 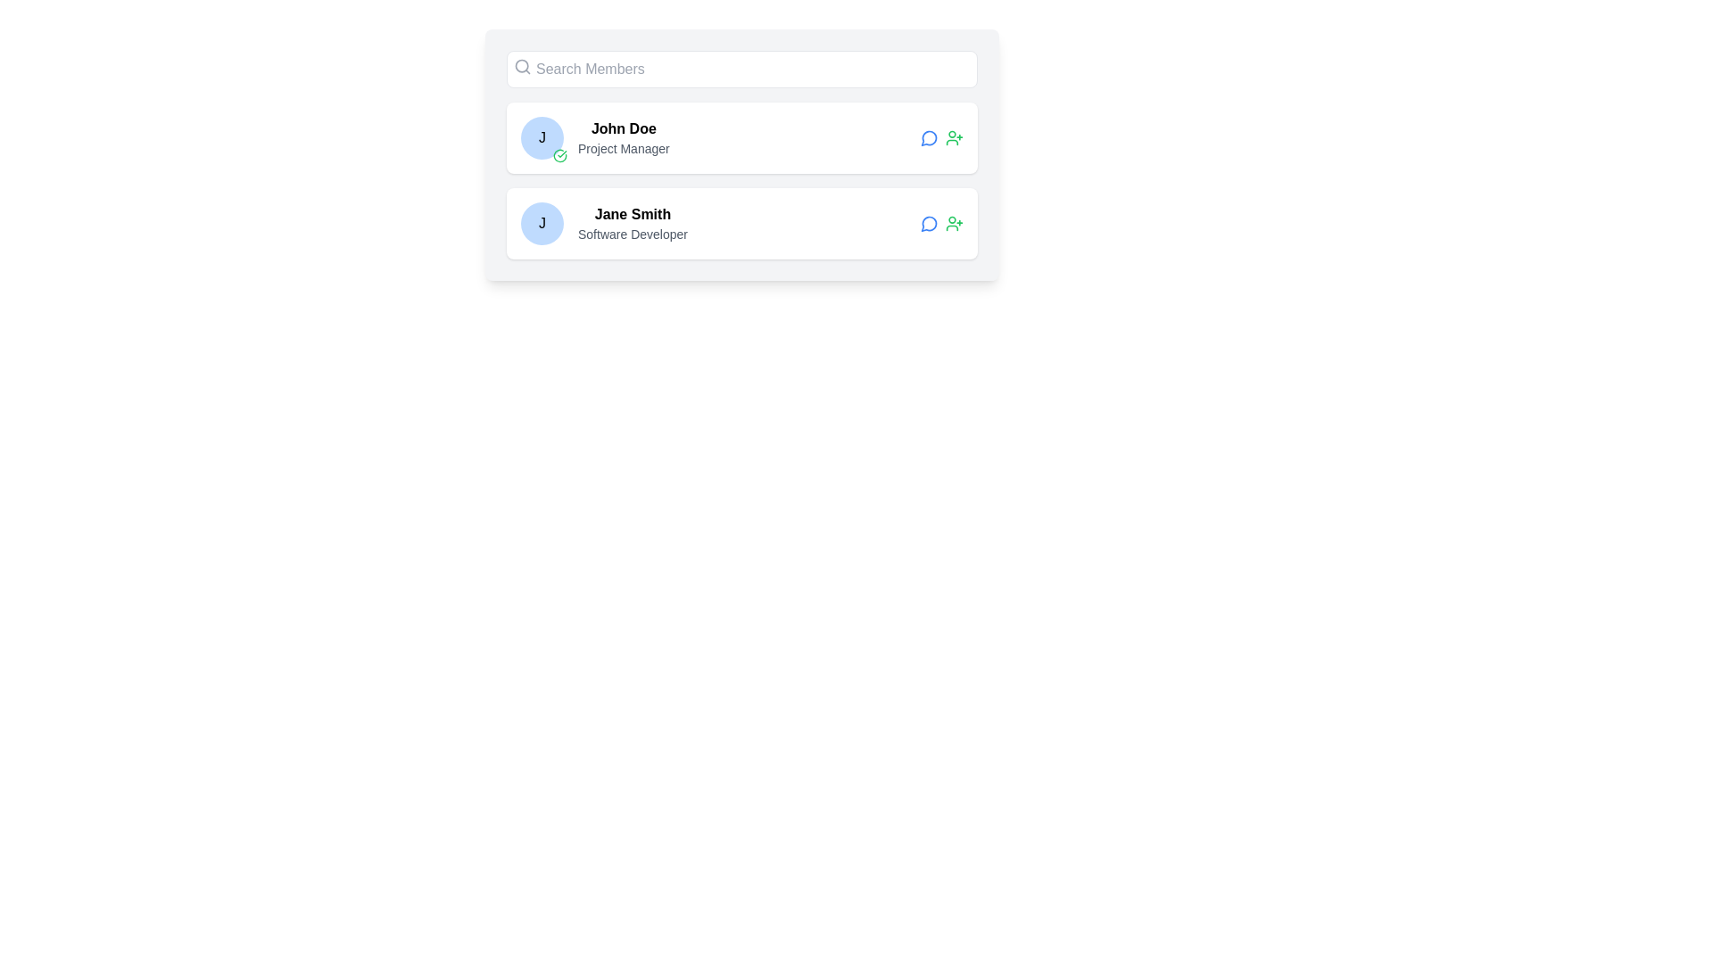 What do you see at coordinates (521, 65) in the screenshot?
I see `the search field by clicking on the search icon located in the top-left corner of the input field adjacent to the placeholder text 'Search Members'` at bounding box center [521, 65].